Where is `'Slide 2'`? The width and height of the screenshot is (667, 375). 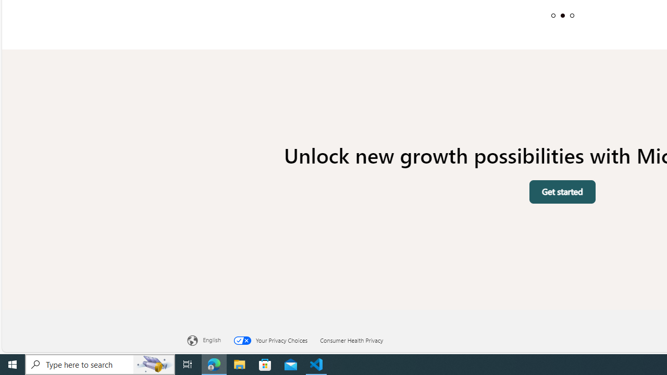
'Slide 2' is located at coordinates (562, 15).